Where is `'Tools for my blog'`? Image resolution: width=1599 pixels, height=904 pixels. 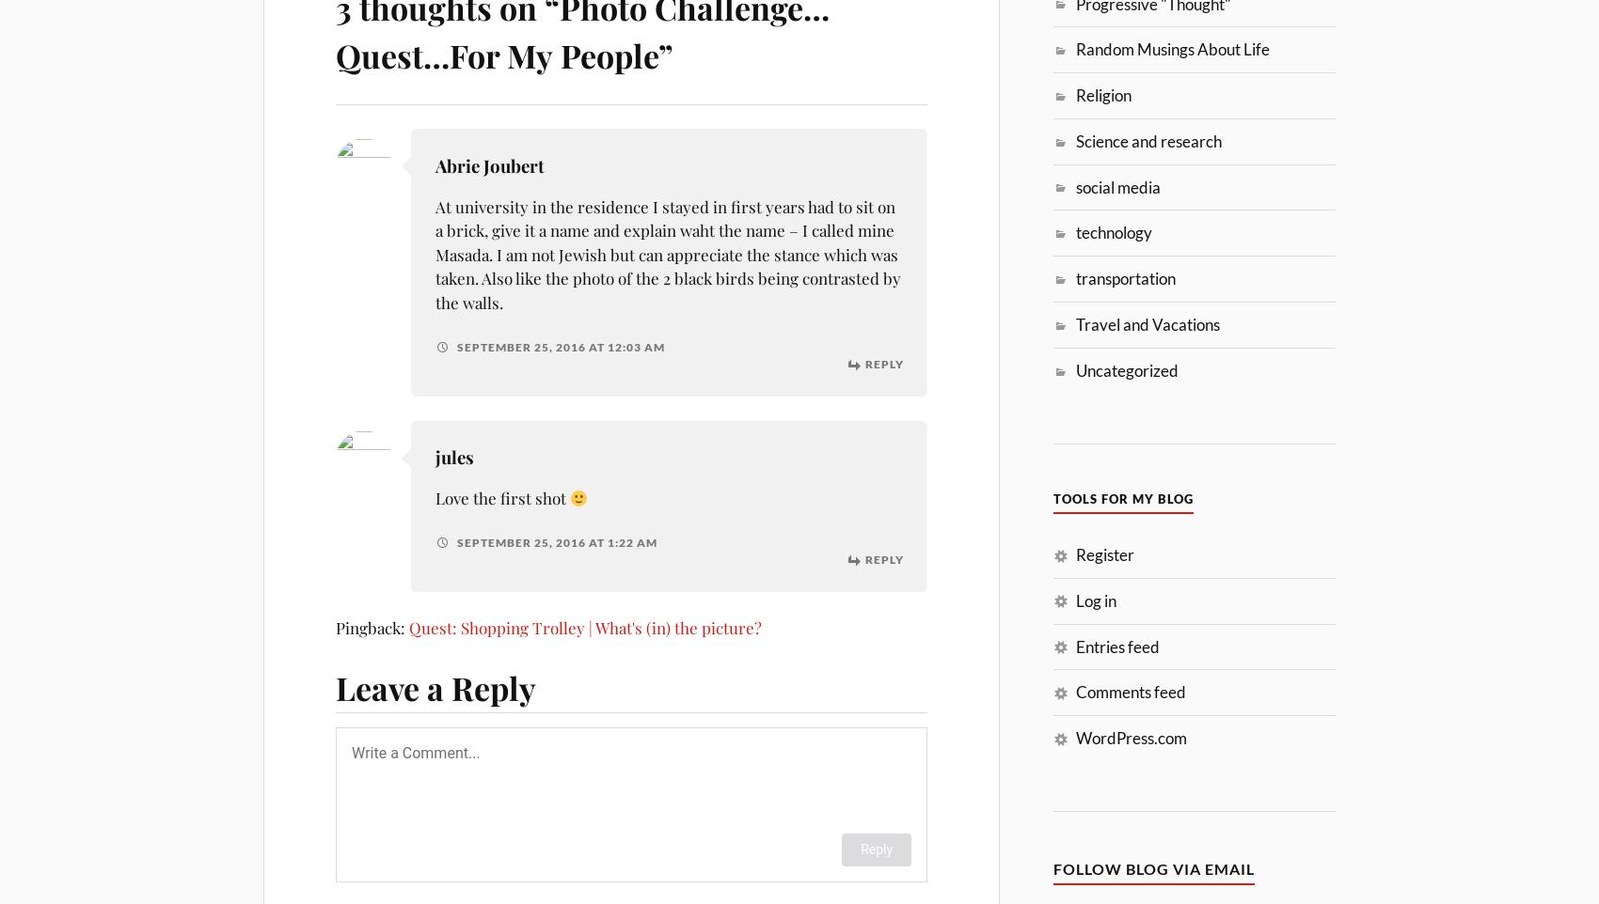
'Tools for my blog' is located at coordinates (1122, 499).